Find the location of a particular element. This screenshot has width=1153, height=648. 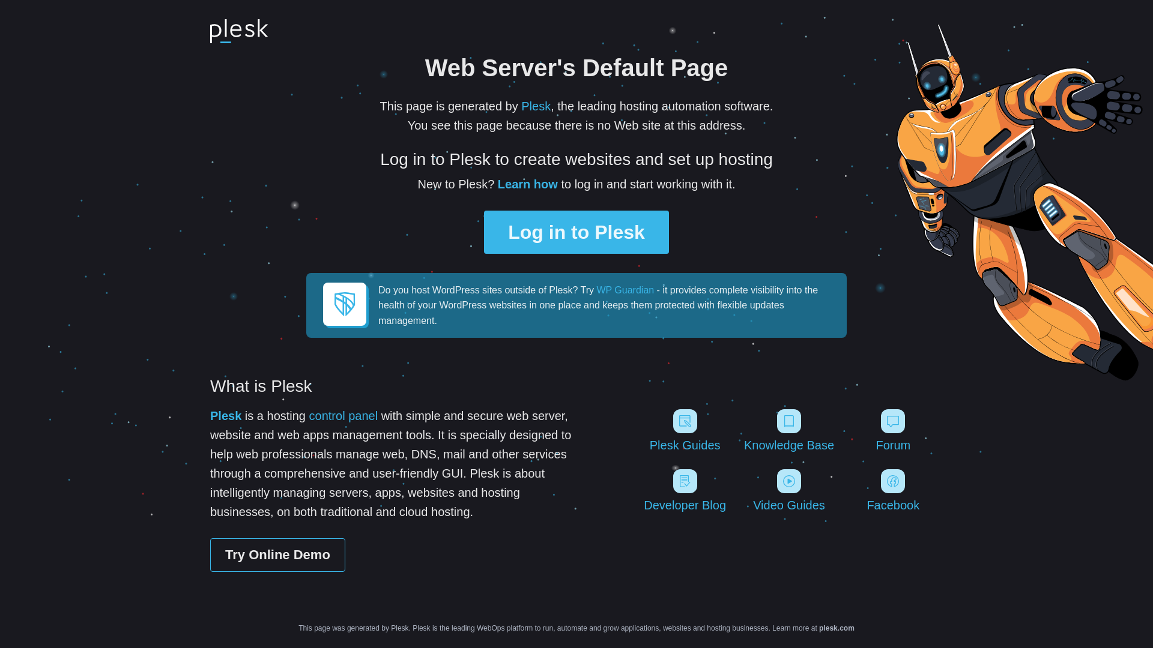

'control panel' is located at coordinates (343, 415).